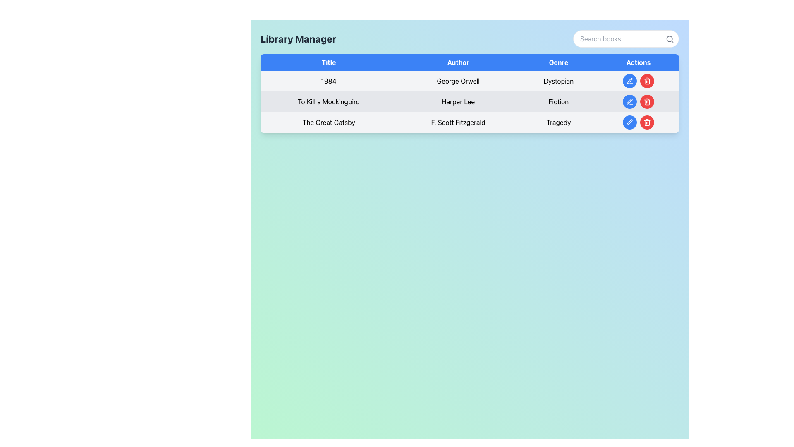  I want to click on the trash can icon button with a red background, positioned as the second button in the 'Actions' column of the second row, so click(646, 101).